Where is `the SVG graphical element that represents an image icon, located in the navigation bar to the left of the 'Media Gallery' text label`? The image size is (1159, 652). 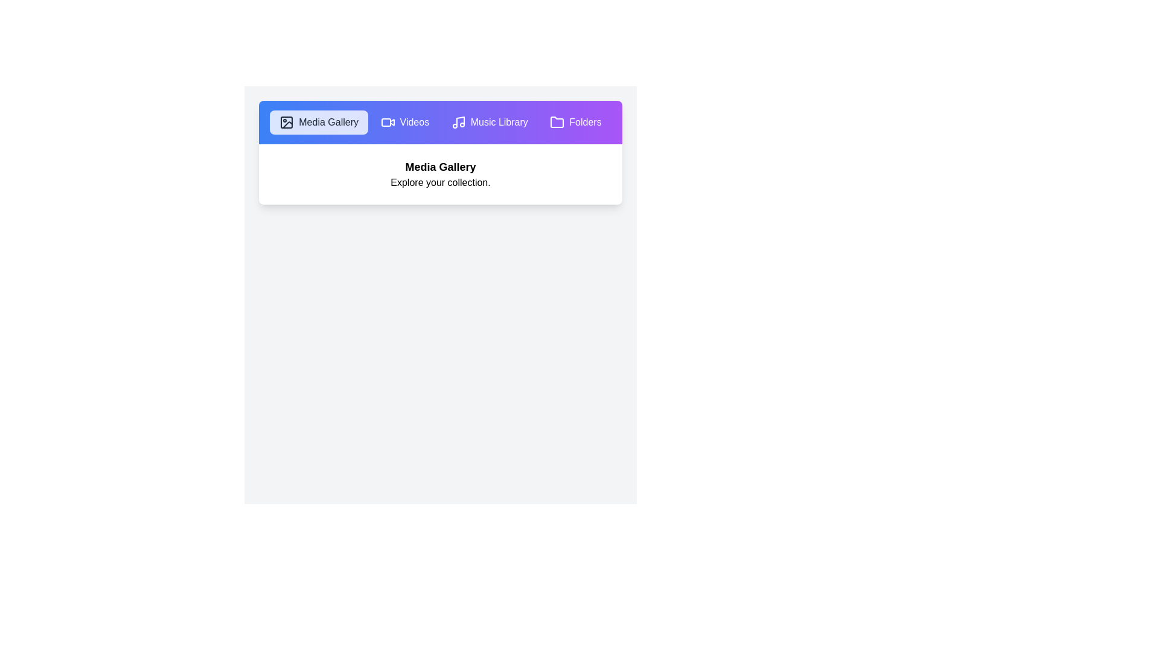 the SVG graphical element that represents an image icon, located in the navigation bar to the left of the 'Media Gallery' text label is located at coordinates (287, 125).